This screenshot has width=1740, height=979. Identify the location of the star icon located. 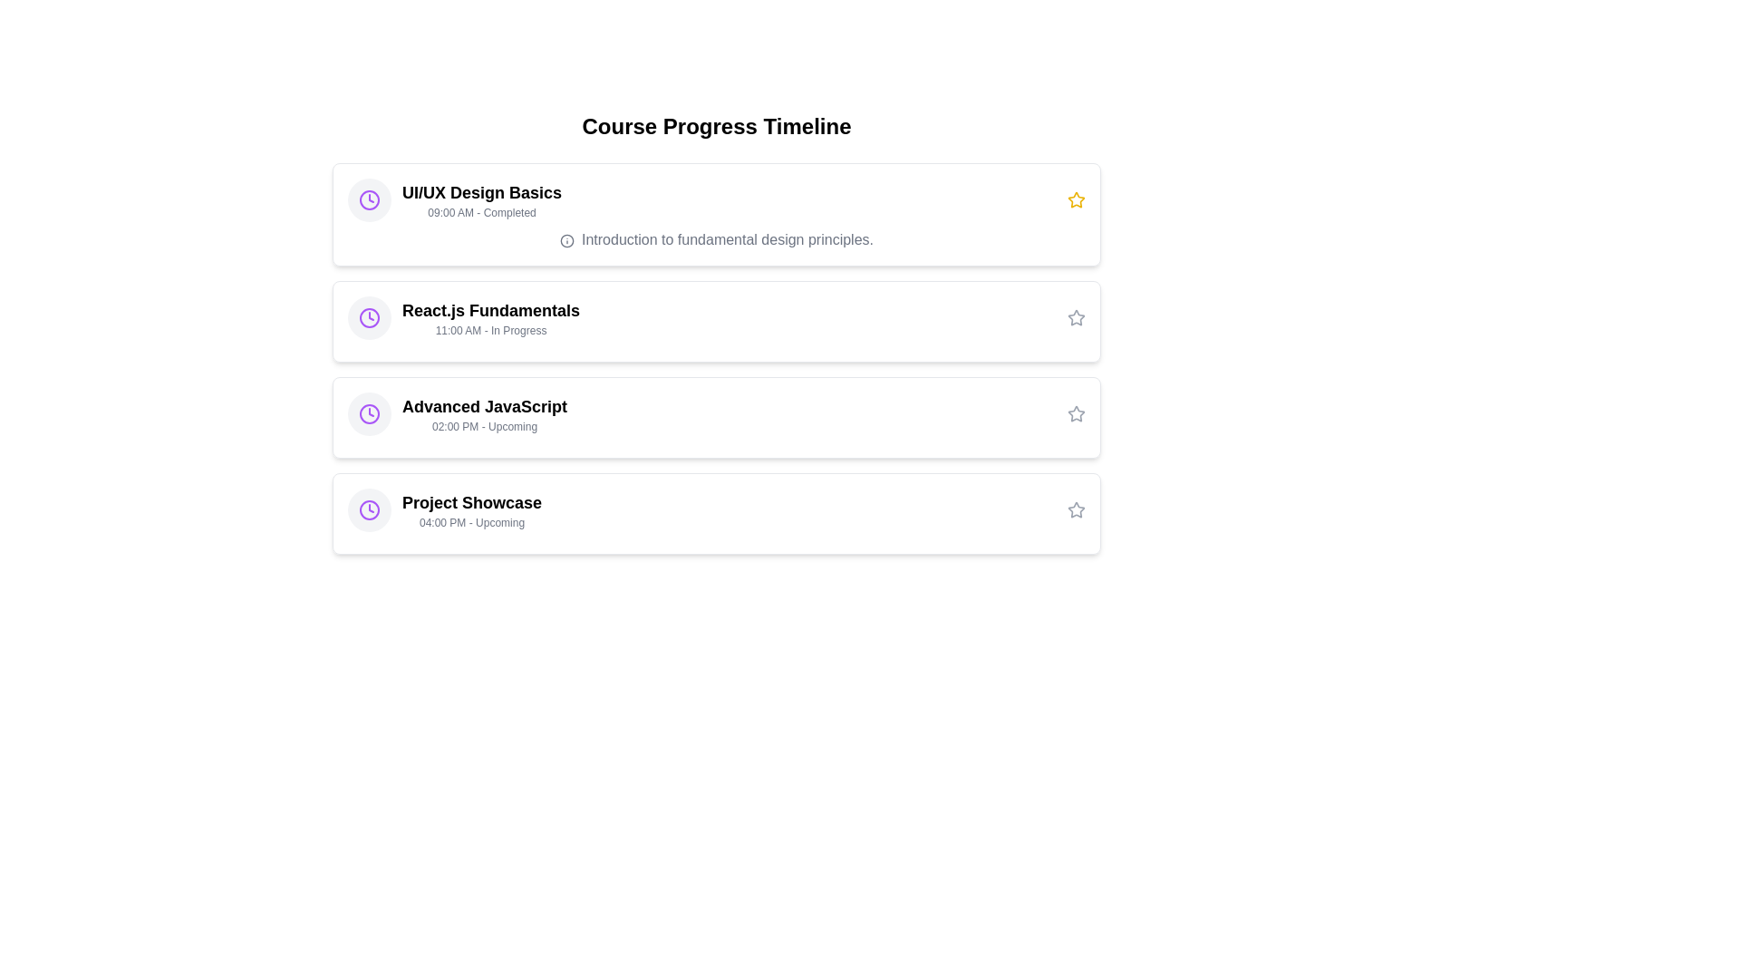
(1077, 317).